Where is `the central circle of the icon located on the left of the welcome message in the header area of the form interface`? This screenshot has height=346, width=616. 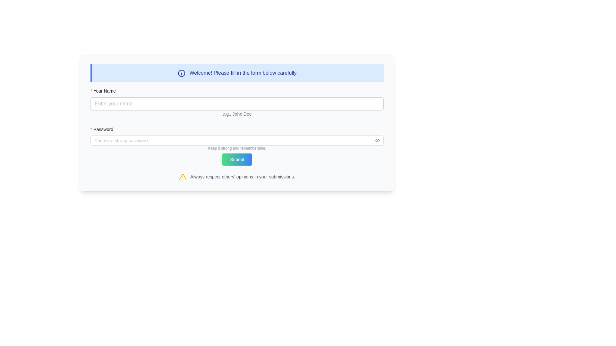 the central circle of the icon located on the left of the welcome message in the header area of the form interface is located at coordinates (181, 73).